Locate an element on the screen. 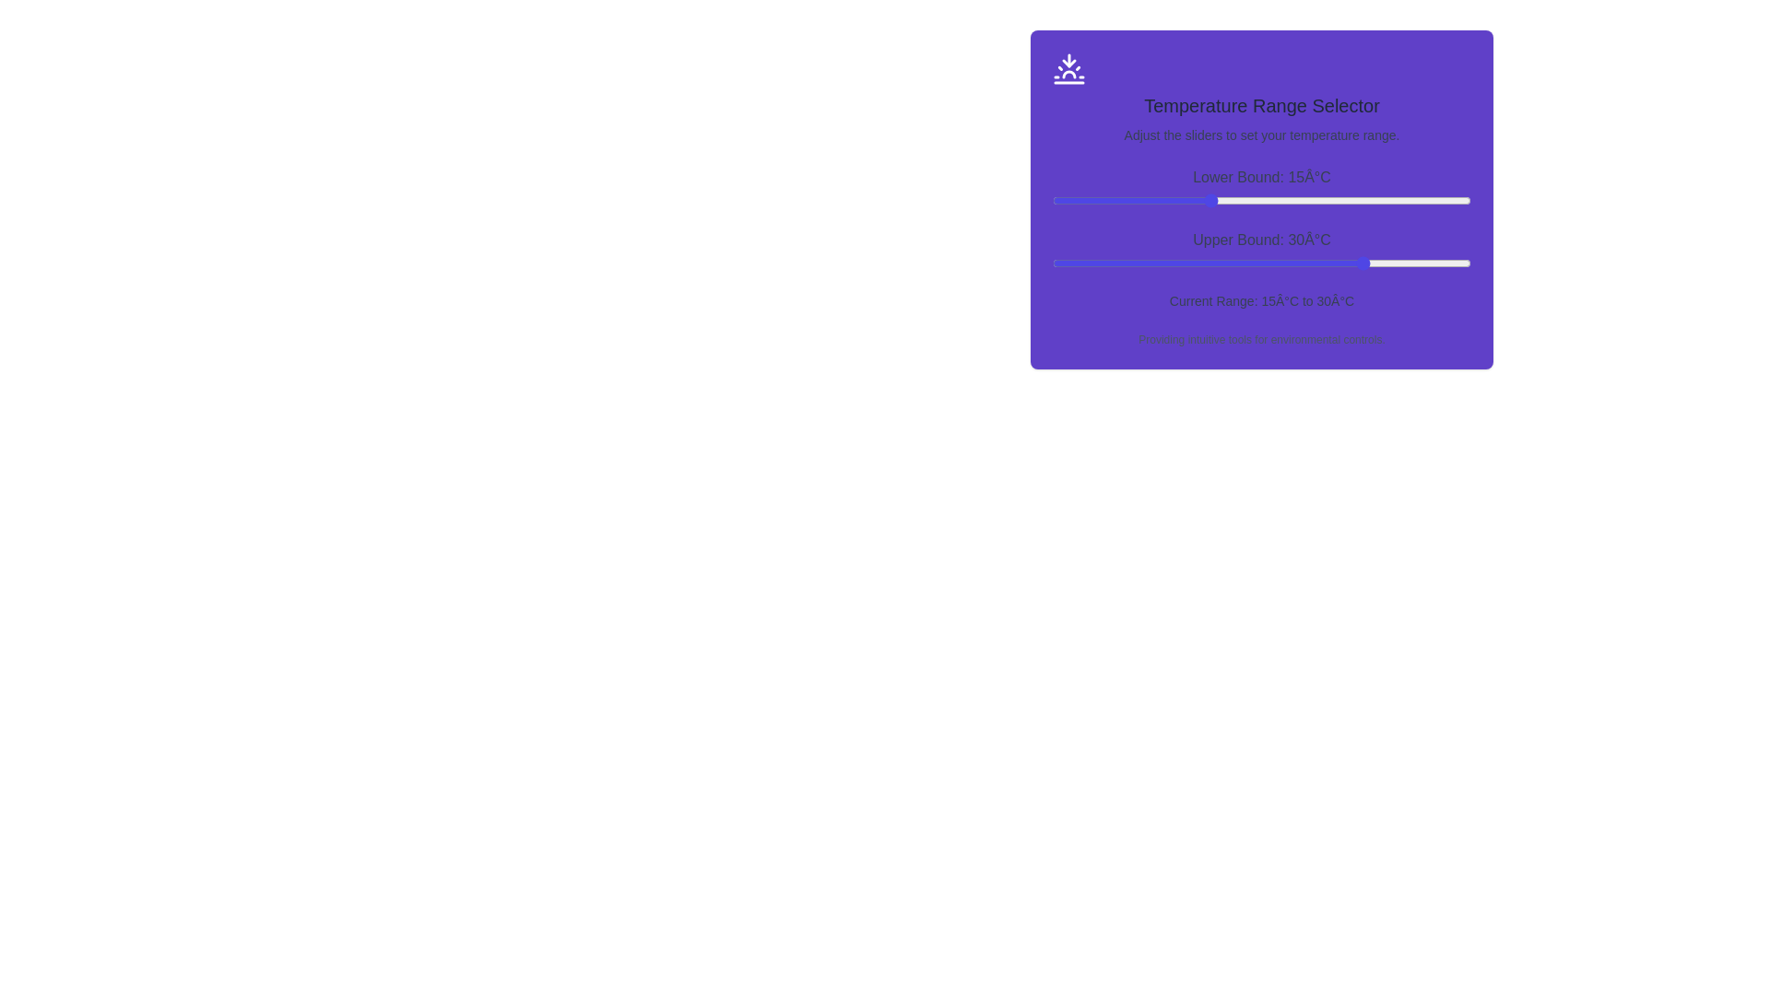 This screenshot has height=995, width=1770. the lower bound slider to 28°C is located at coordinates (1345, 201).